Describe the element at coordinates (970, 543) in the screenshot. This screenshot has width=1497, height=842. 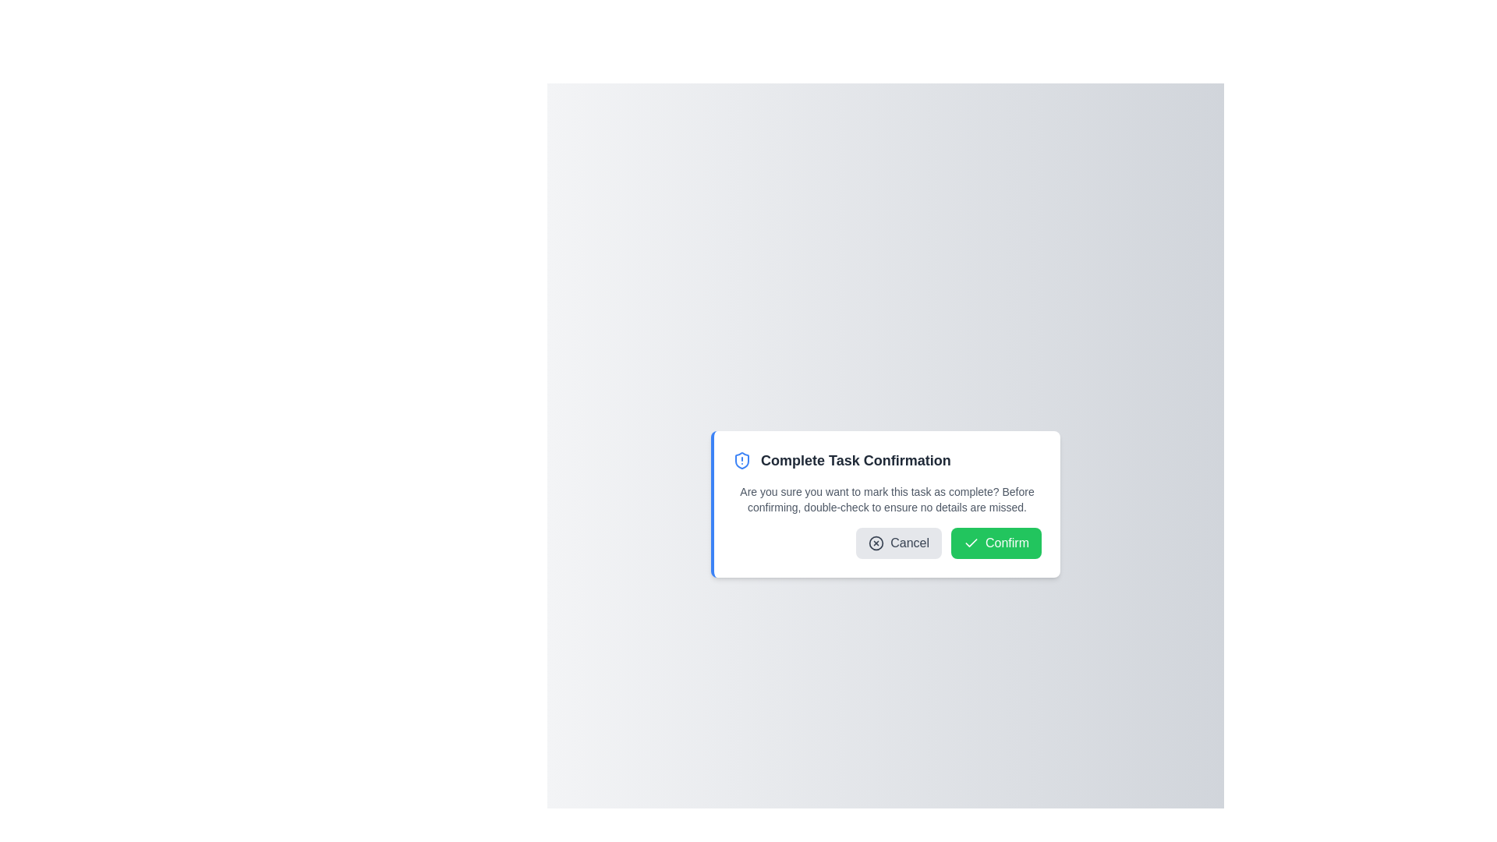
I see `the checkmark icon located to the left of the 'Confirm' text label within the 'Confirm' button at the bottom-right of the modal dialog box` at that location.